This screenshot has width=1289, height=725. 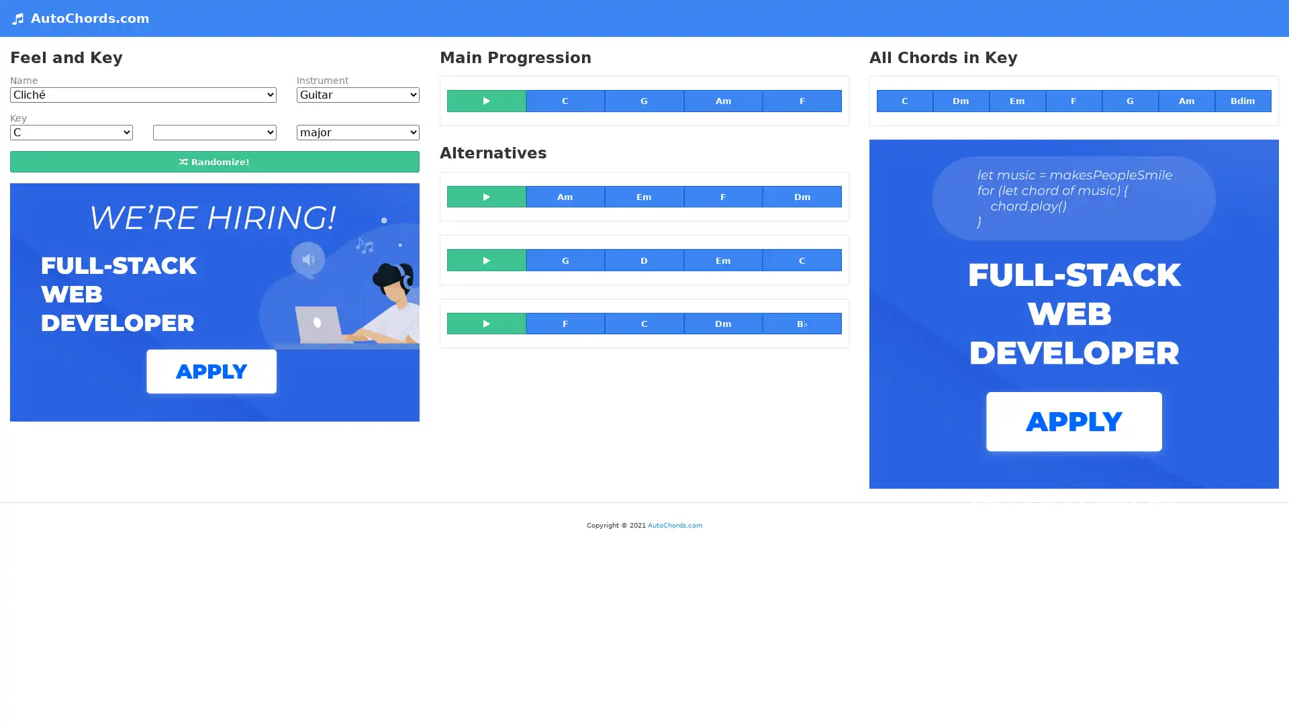 What do you see at coordinates (213, 160) in the screenshot?
I see `Randomize!` at bounding box center [213, 160].